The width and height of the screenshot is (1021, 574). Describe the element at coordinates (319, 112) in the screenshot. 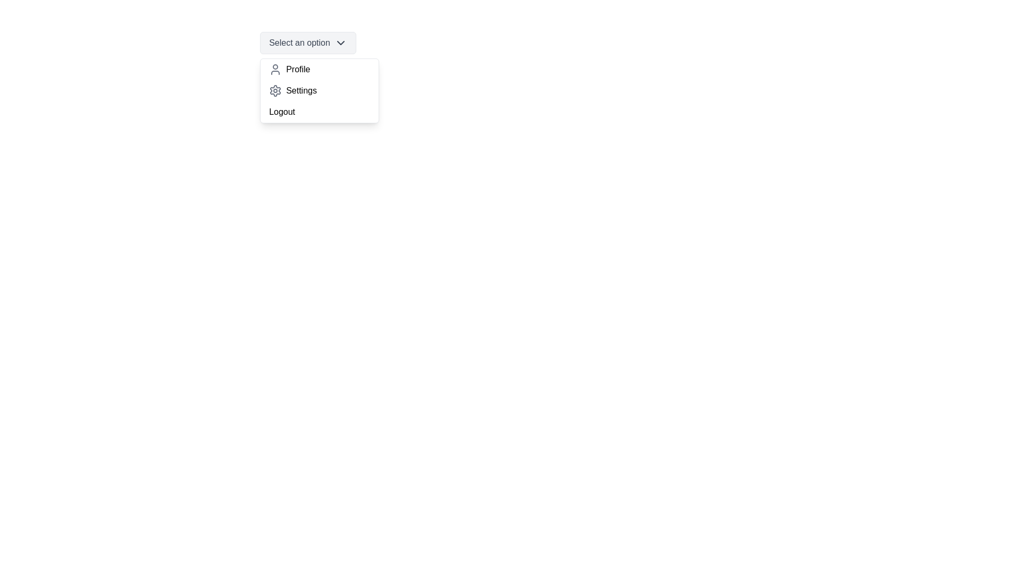

I see `the option Logout from the dropdown menu` at that location.